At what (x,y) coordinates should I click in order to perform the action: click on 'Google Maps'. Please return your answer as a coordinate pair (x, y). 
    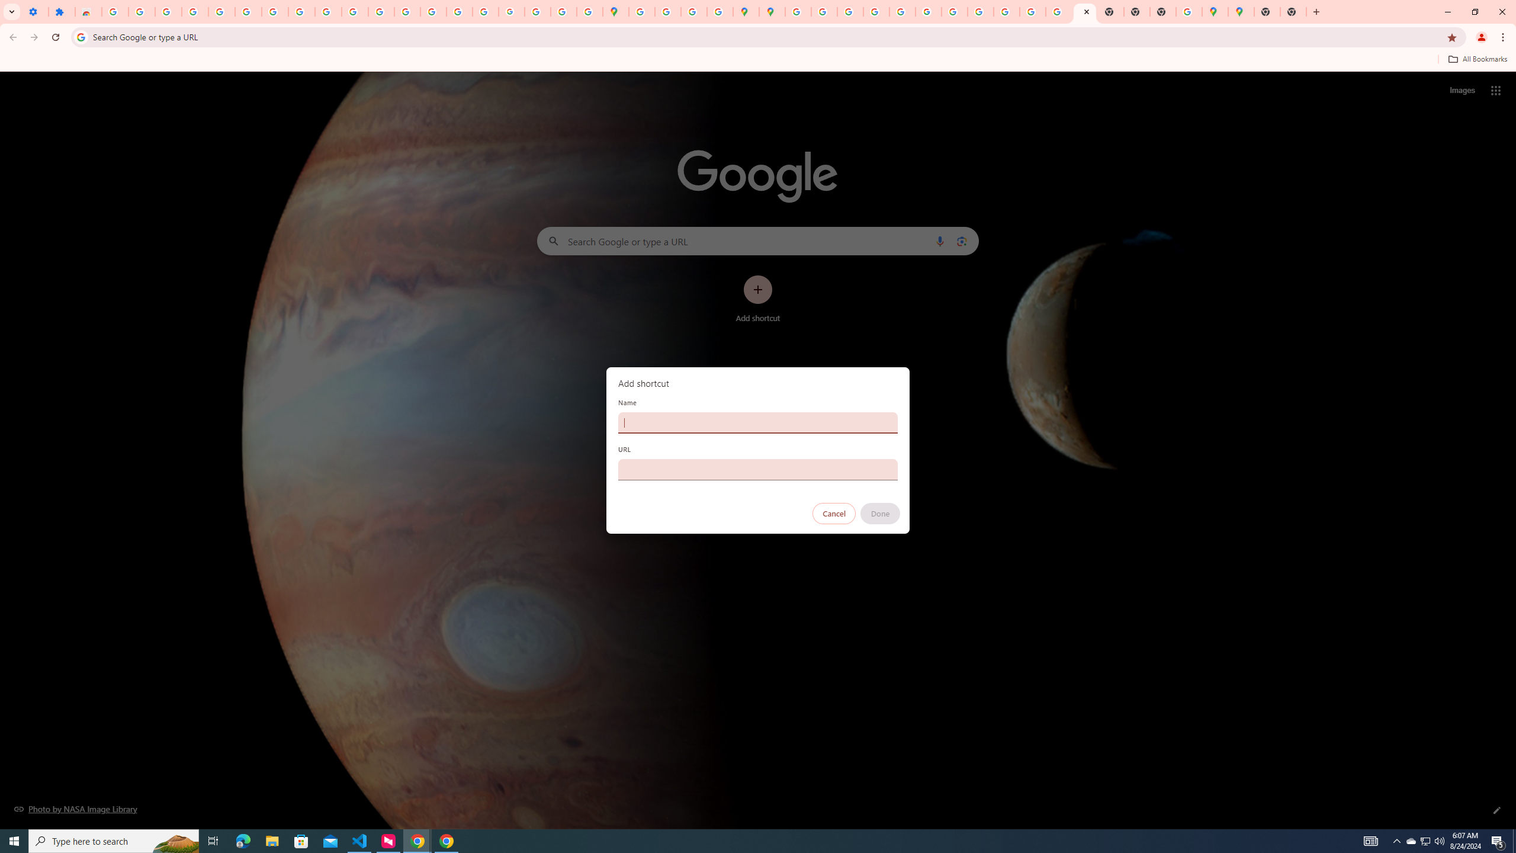
    Looking at the image, I should click on (1241, 11).